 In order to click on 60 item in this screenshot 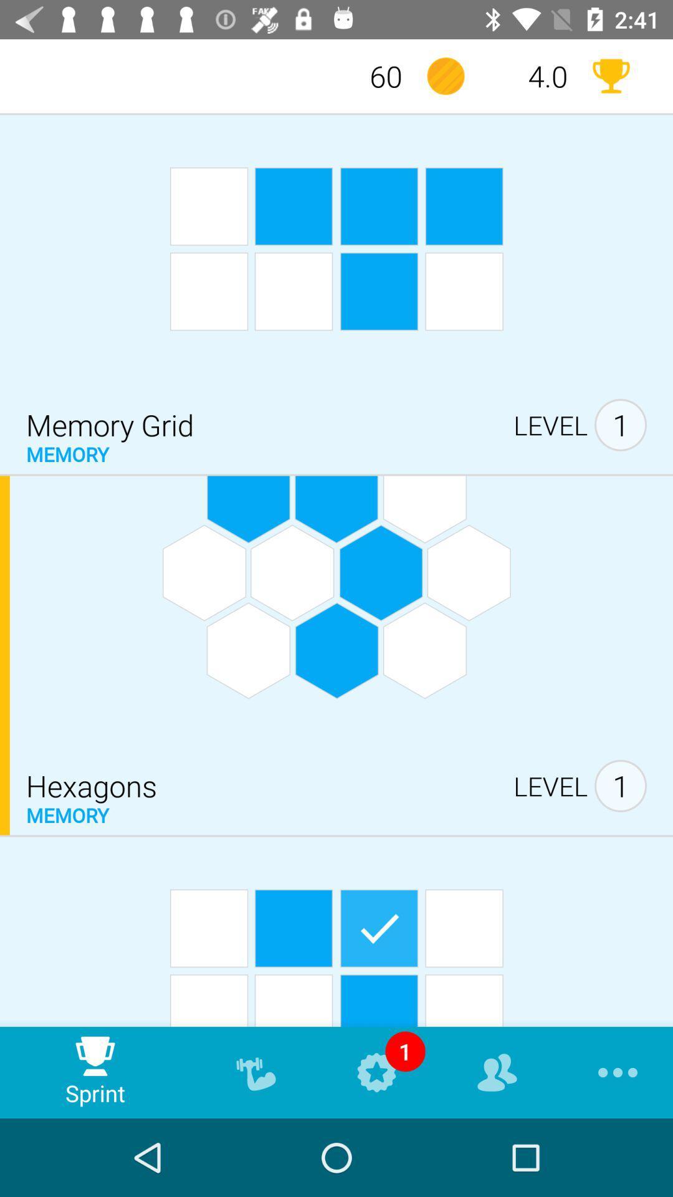, I will do `click(363, 75)`.